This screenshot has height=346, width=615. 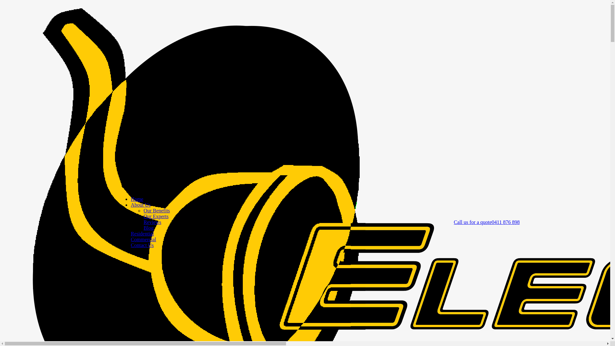 I want to click on 'Reviews', so click(x=152, y=222).